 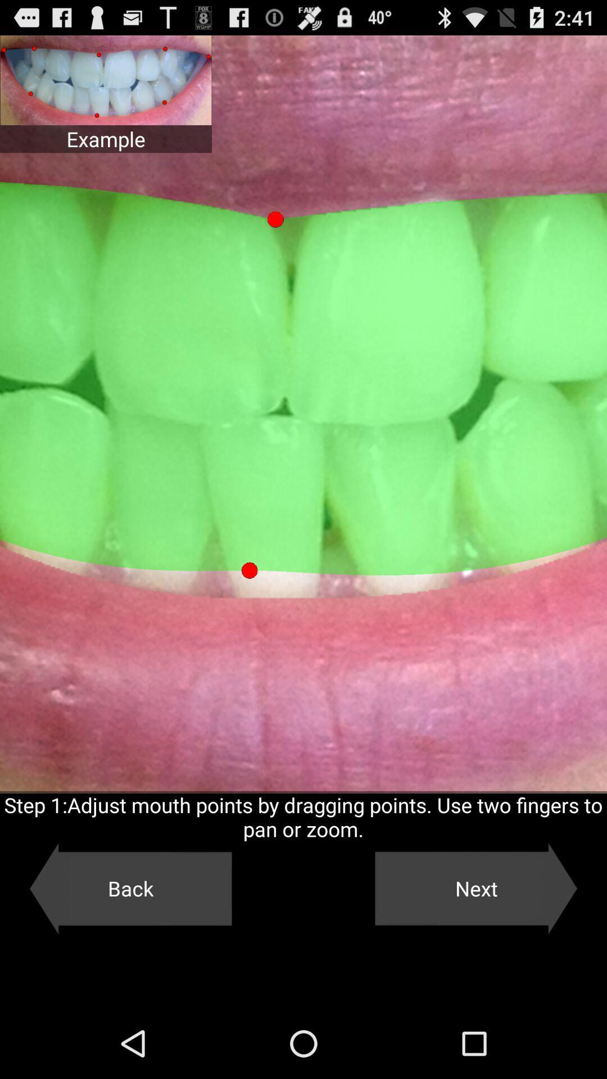 What do you see at coordinates (476, 888) in the screenshot?
I see `the item next to back` at bounding box center [476, 888].